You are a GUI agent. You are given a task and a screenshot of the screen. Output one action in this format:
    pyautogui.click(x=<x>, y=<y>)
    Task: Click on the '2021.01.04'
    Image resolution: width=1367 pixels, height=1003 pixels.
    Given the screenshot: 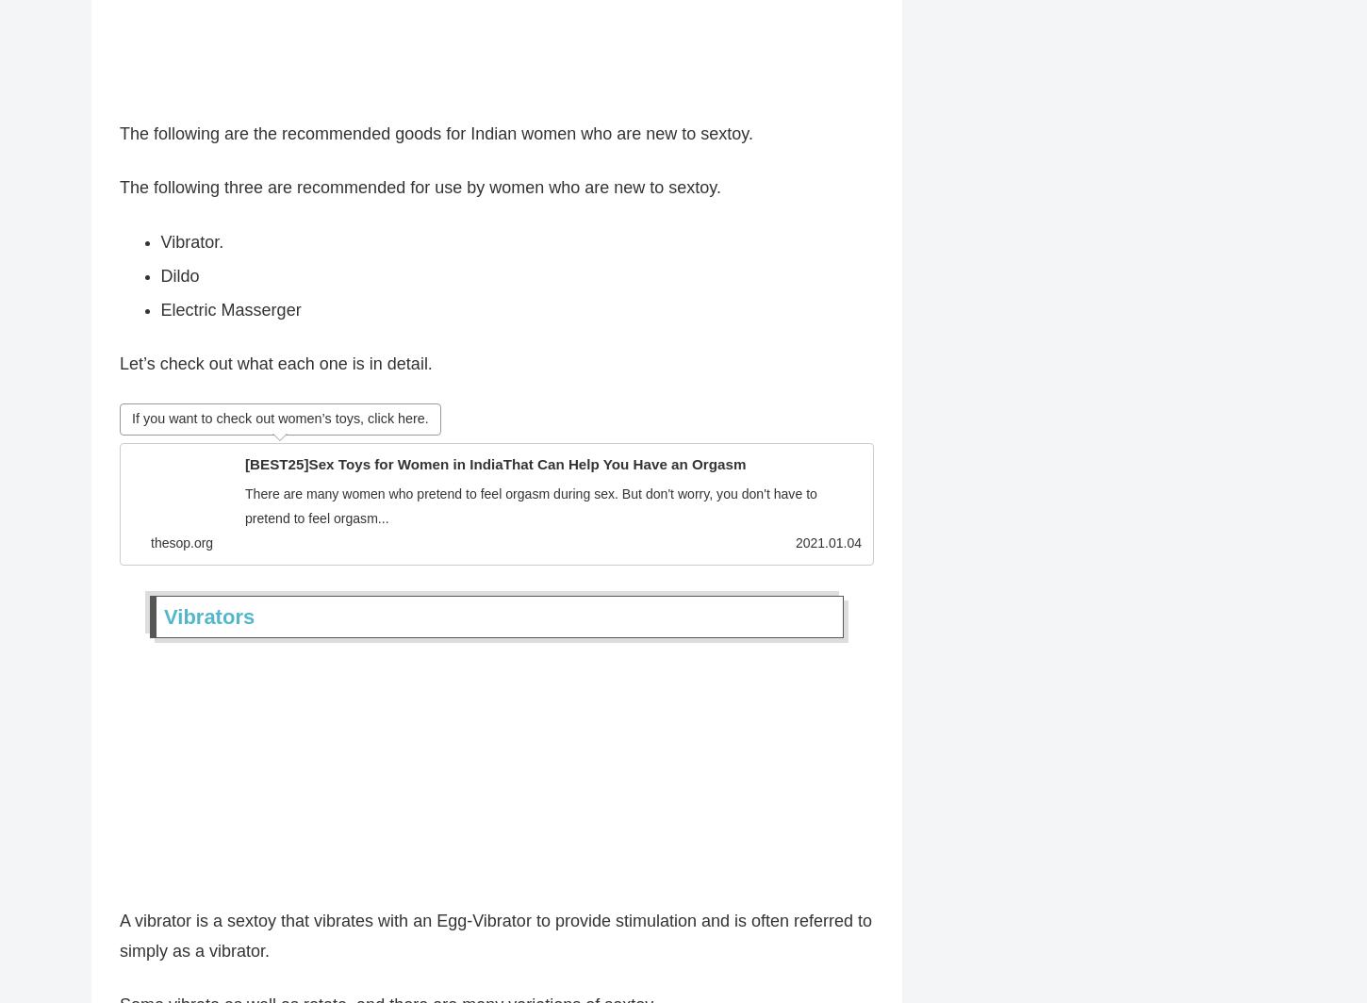 What is the action you would take?
    pyautogui.click(x=827, y=549)
    